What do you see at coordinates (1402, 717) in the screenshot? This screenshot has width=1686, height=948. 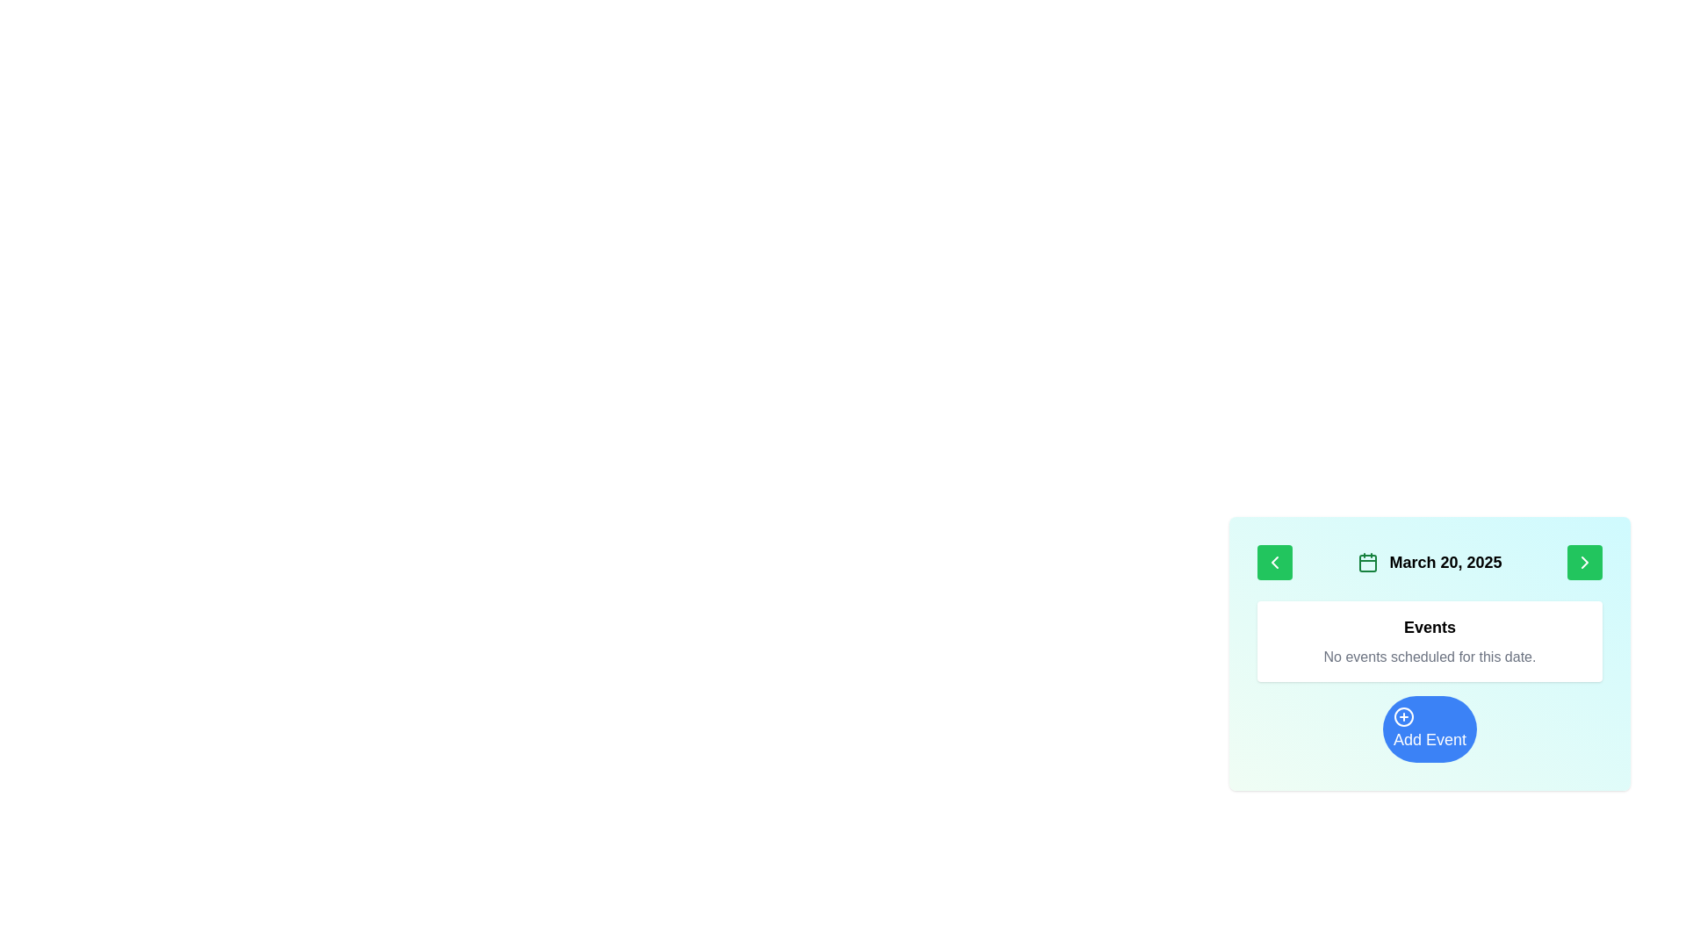 I see `the circular outline icon within the 'Add Event' button located below the 'Events' label and list area` at bounding box center [1402, 717].